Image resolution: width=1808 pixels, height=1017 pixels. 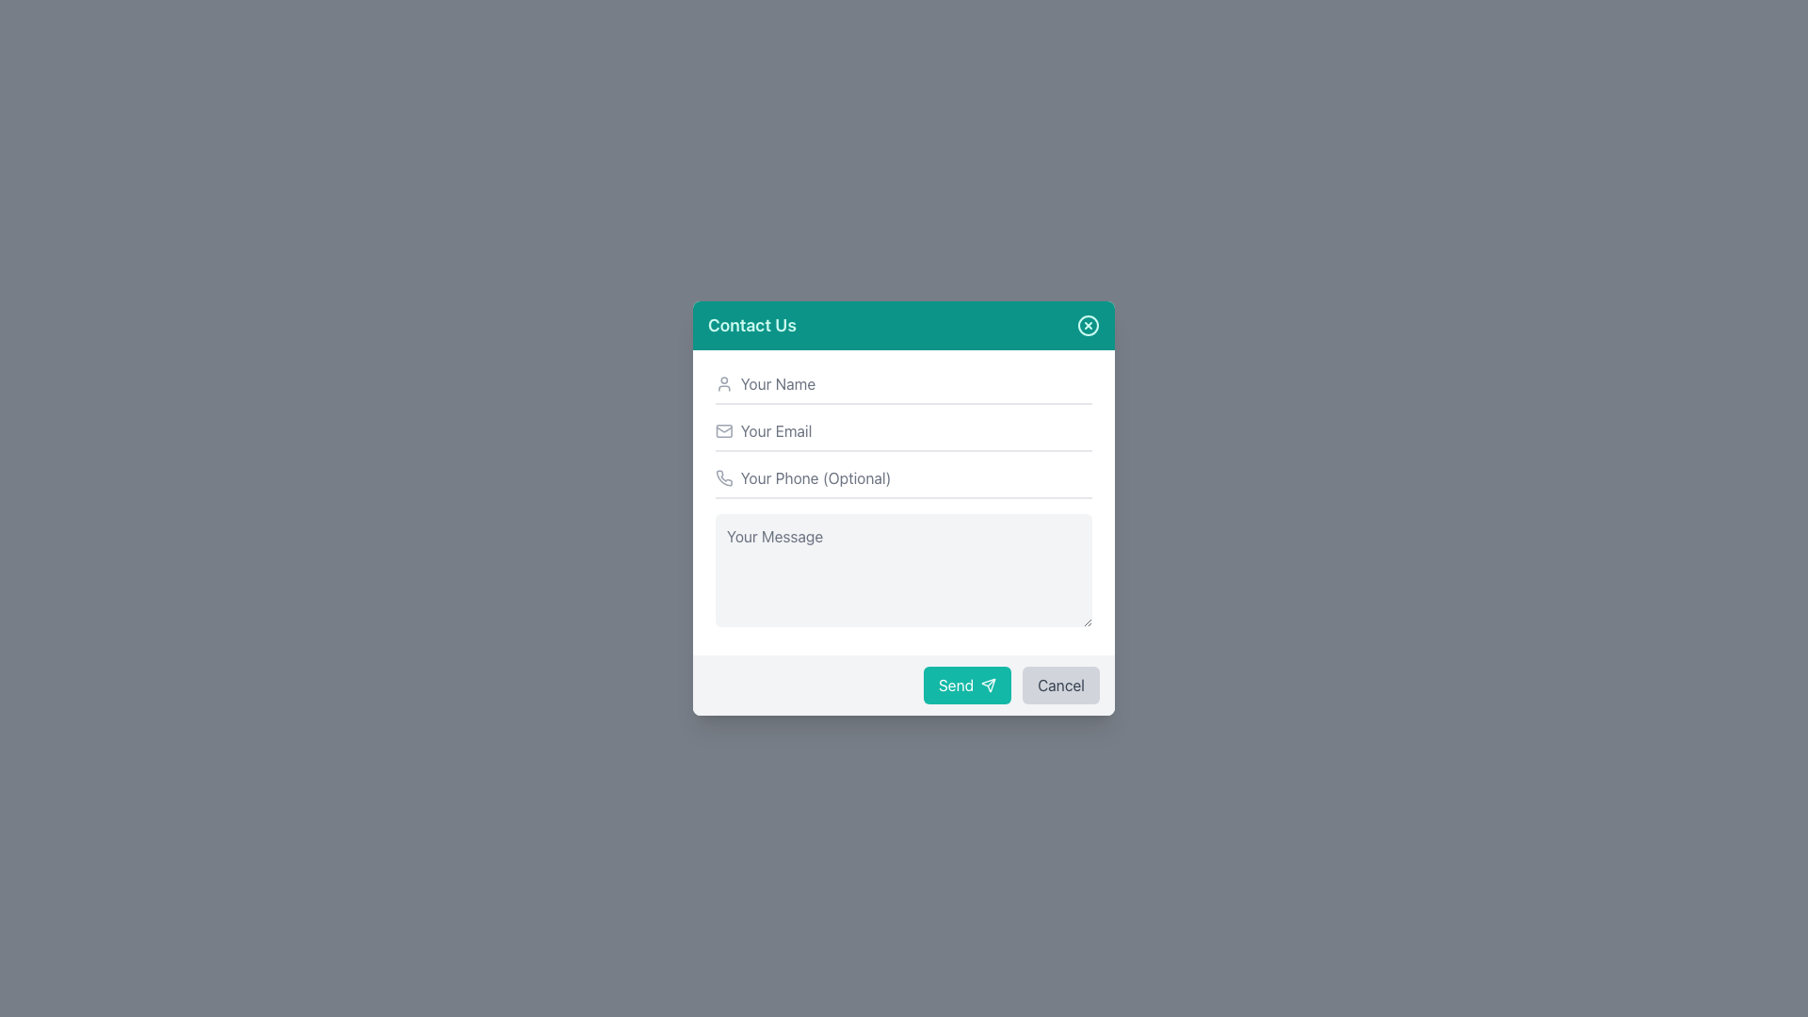 I want to click on the email input field in the 'Contact Us' form, so click(x=916, y=431).